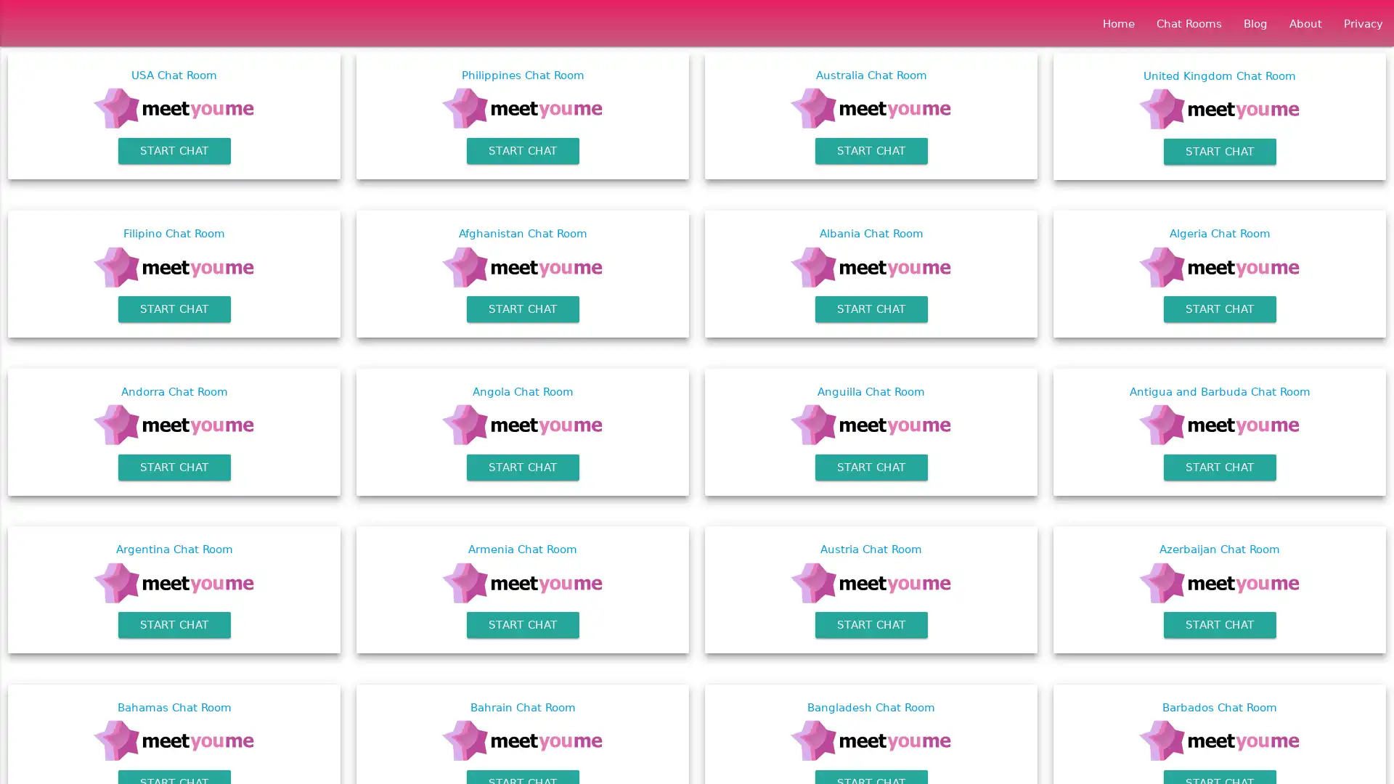 Image resolution: width=1394 pixels, height=784 pixels. Describe the element at coordinates (174, 150) in the screenshot. I see `START CHAT` at that location.